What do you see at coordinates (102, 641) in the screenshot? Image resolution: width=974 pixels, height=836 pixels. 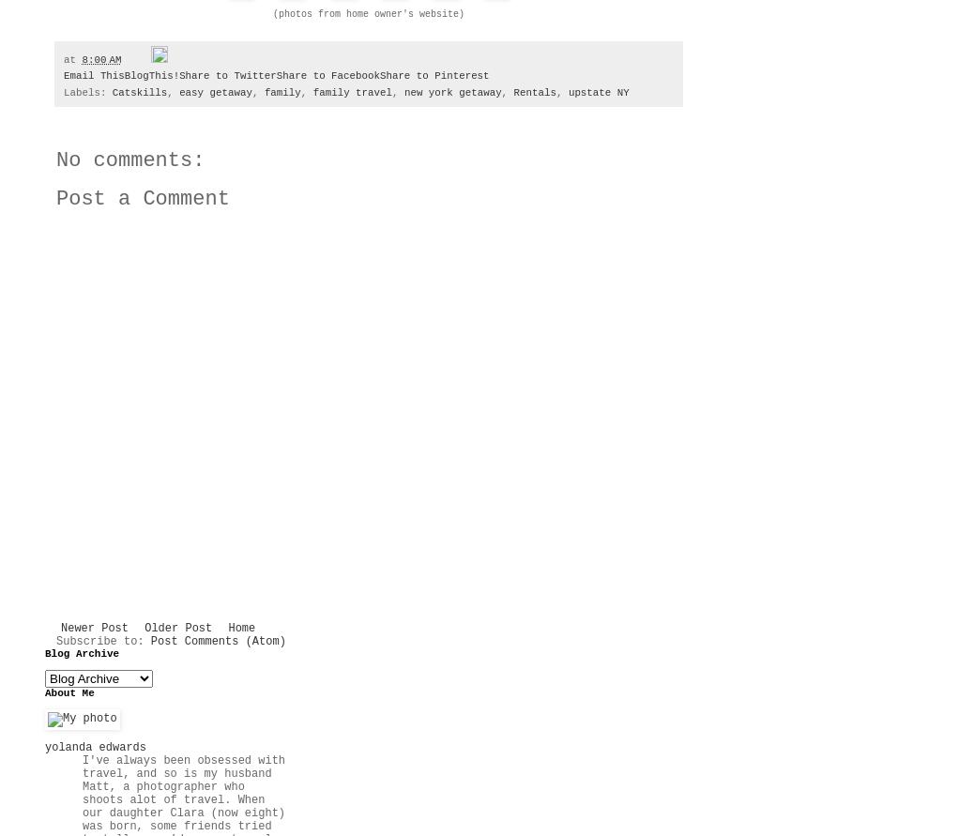 I see `'Subscribe to:'` at bounding box center [102, 641].